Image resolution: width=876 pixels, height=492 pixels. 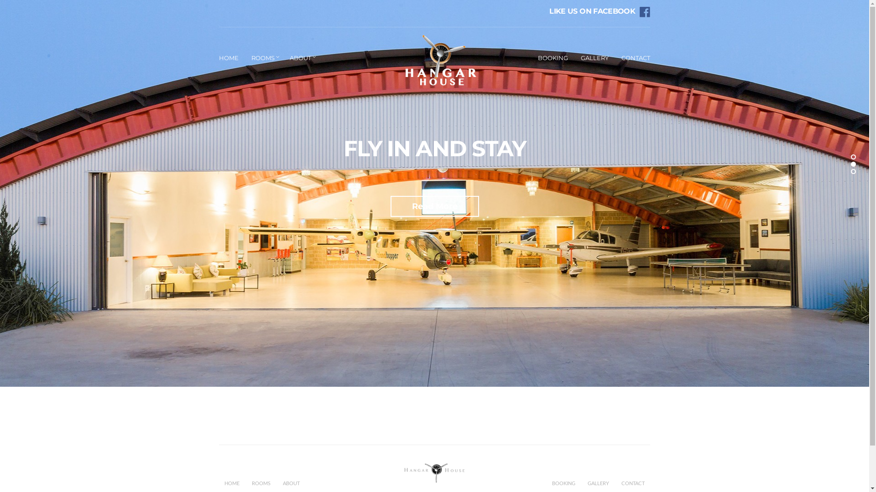 I want to click on 'BOOKING', so click(x=552, y=59).